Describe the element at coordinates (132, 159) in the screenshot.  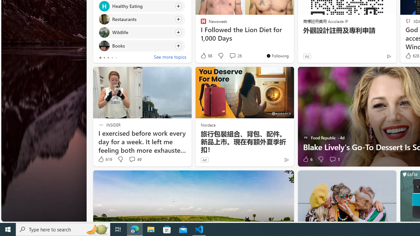
I see `'View comments 49 Comment'` at that location.